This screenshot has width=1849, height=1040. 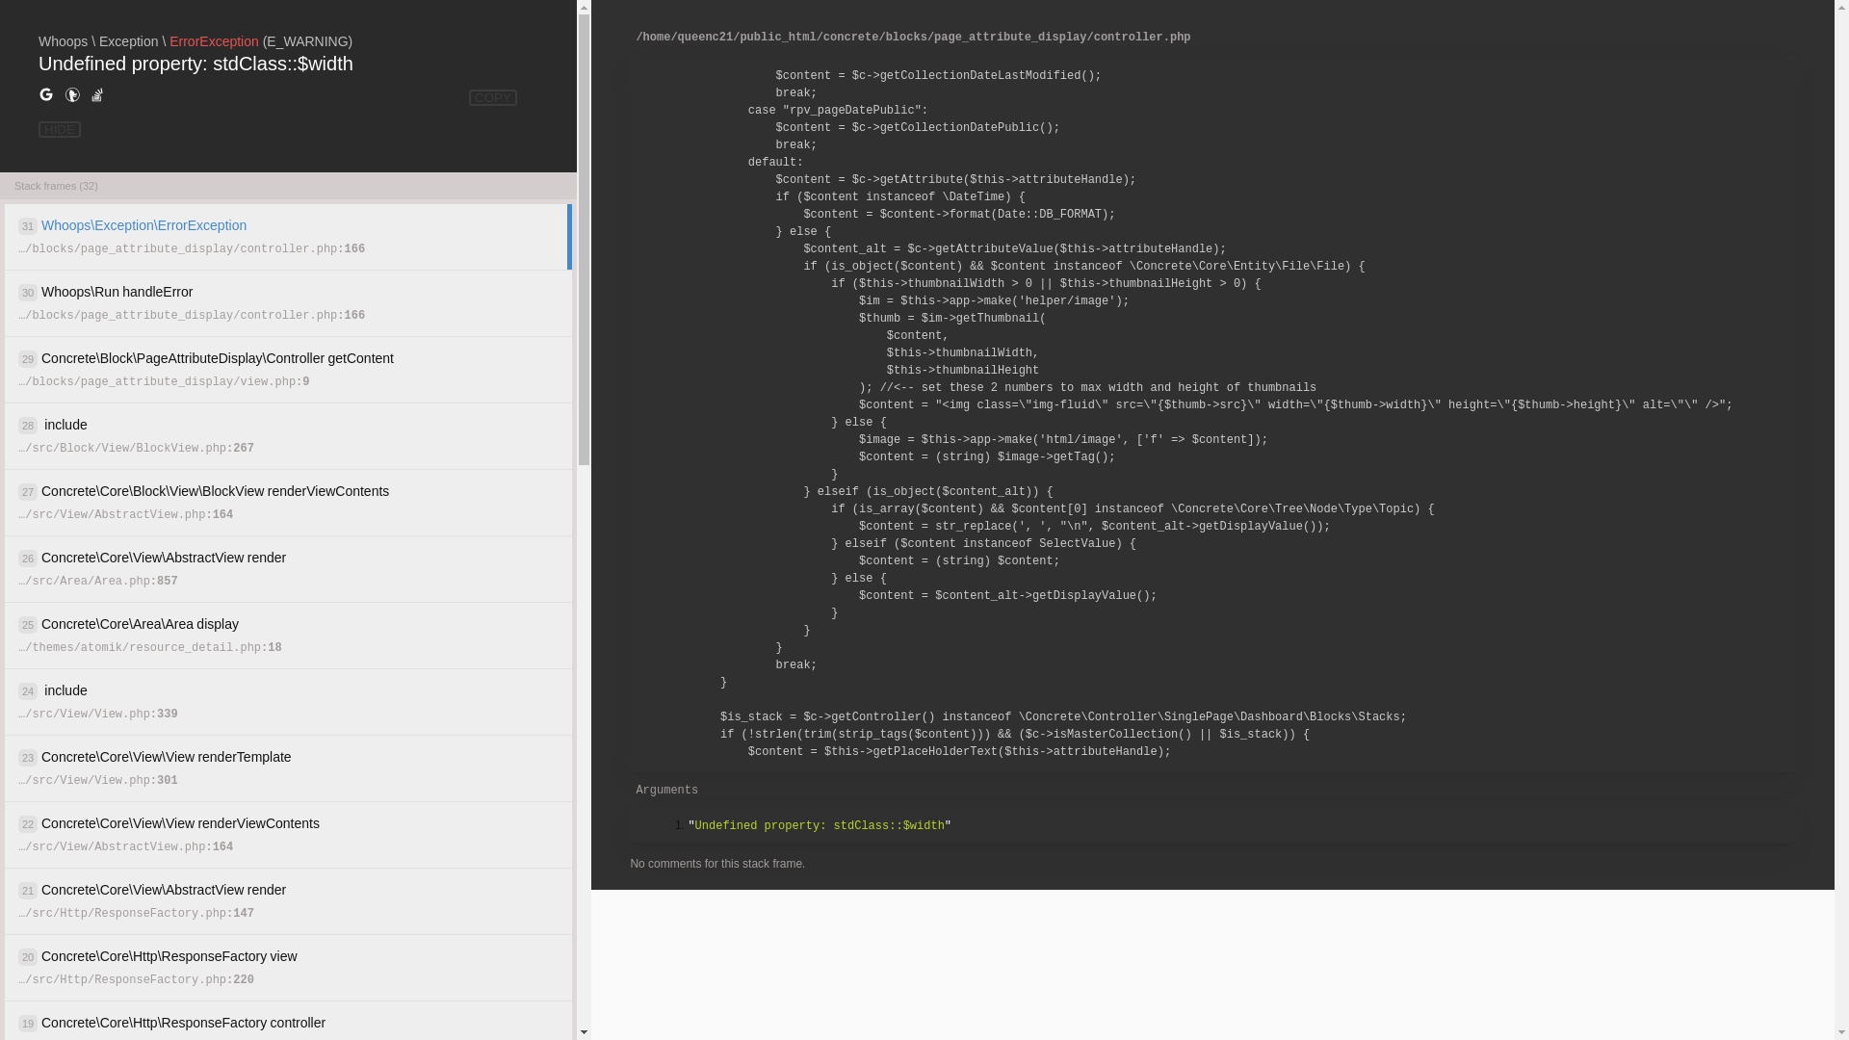 What do you see at coordinates (46, 95) in the screenshot?
I see `'Search for help on Google.'` at bounding box center [46, 95].